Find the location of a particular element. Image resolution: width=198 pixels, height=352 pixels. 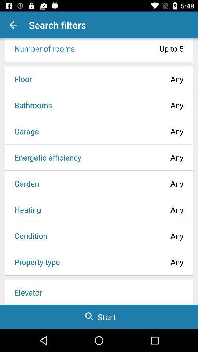

item to the left of search filters item is located at coordinates (13, 25).